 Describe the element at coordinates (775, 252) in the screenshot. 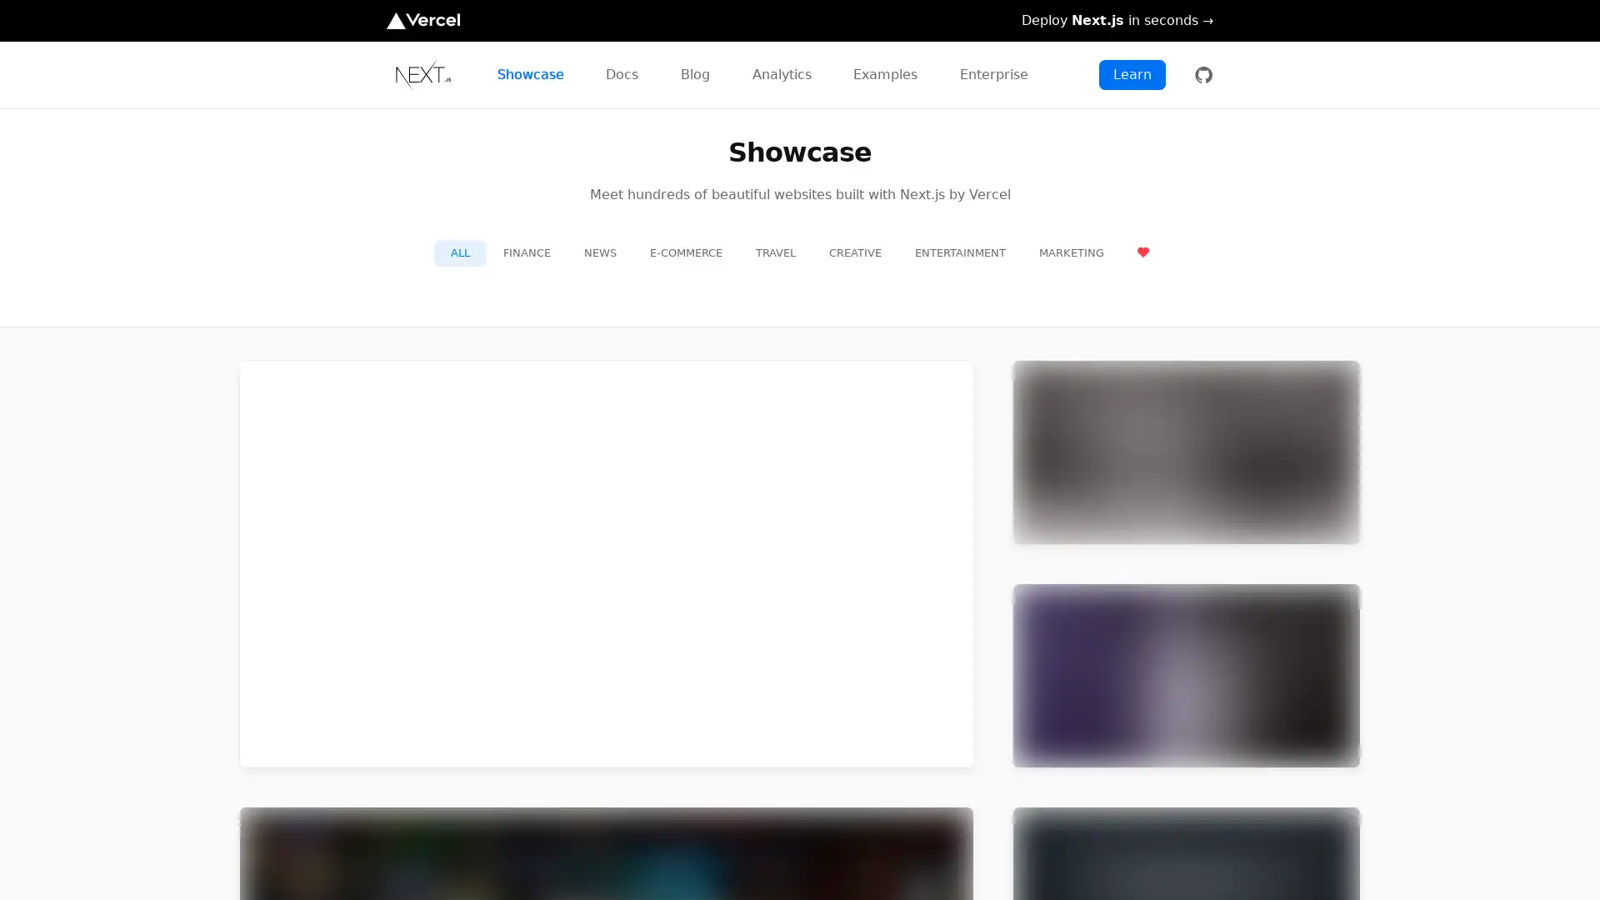

I see `TRAVEL` at that location.